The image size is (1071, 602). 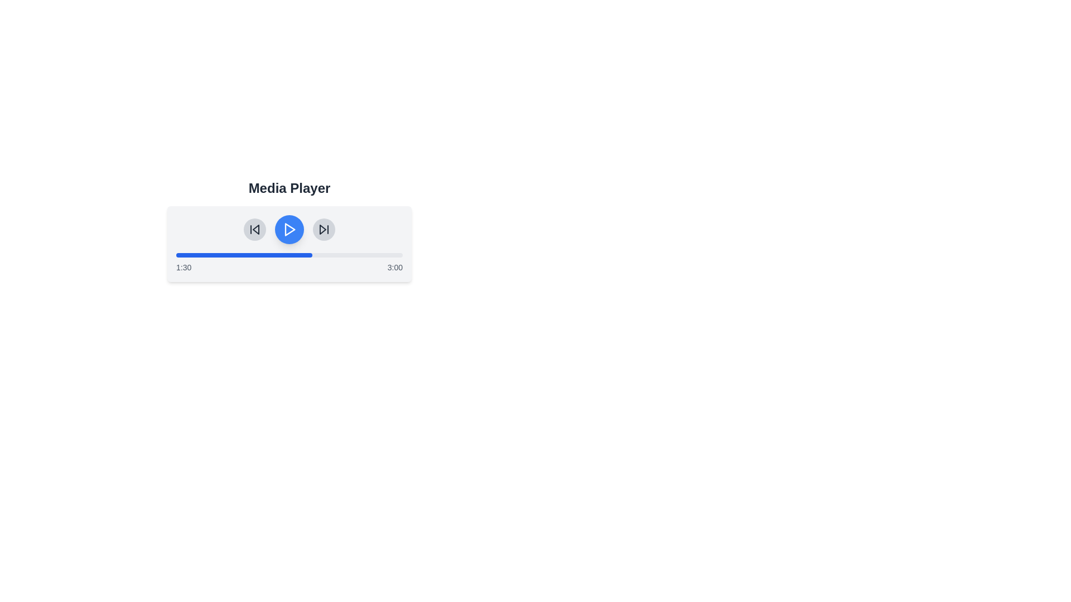 What do you see at coordinates (289, 229) in the screenshot?
I see `the circular 'Play' icon with a blue background in the center of the media player interface to trigger additional visual effects` at bounding box center [289, 229].